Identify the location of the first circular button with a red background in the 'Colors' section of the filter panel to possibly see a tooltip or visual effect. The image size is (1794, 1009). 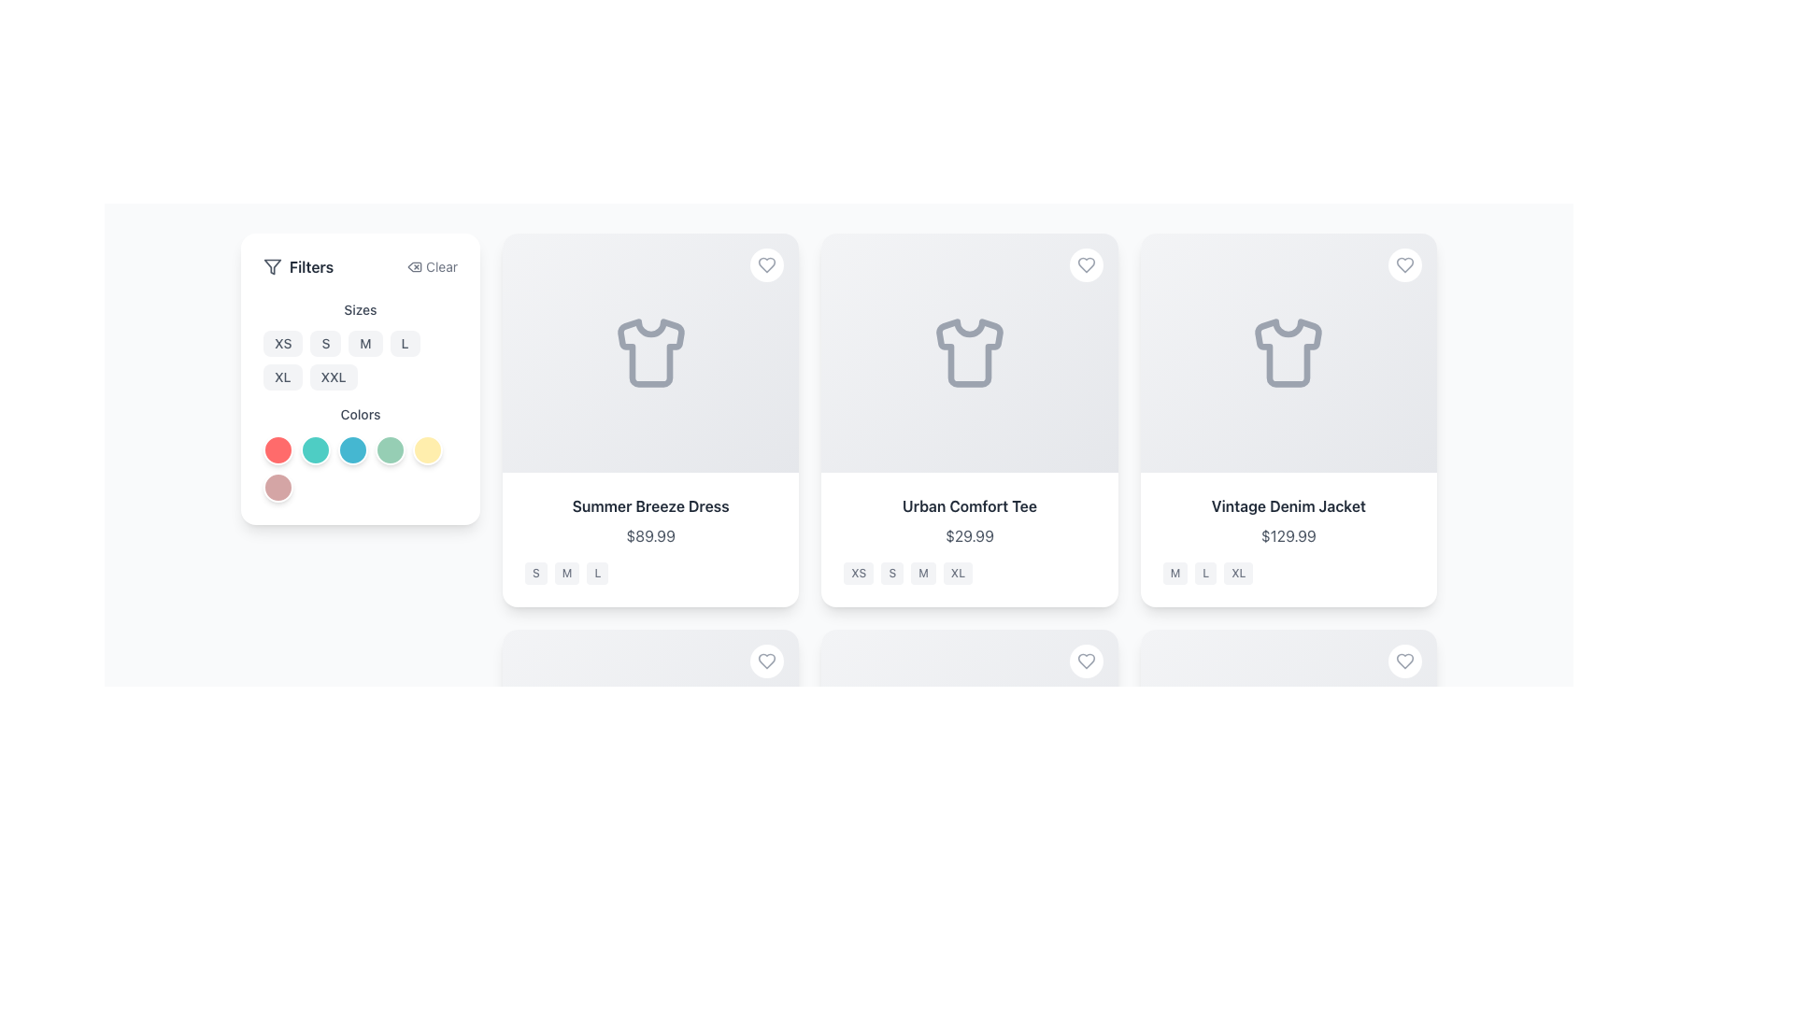
(277, 450).